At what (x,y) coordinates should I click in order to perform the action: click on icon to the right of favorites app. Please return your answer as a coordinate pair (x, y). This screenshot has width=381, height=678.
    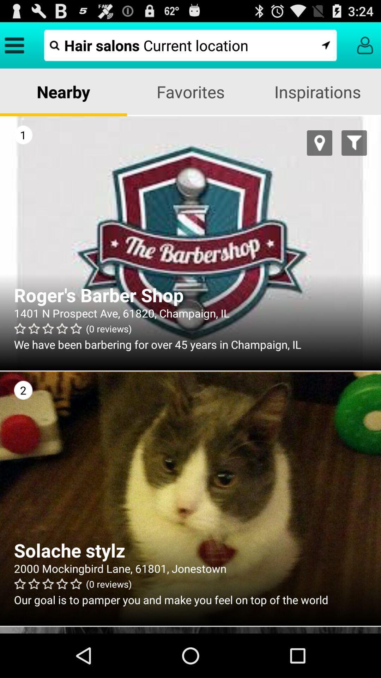
    Looking at the image, I should click on (317, 91).